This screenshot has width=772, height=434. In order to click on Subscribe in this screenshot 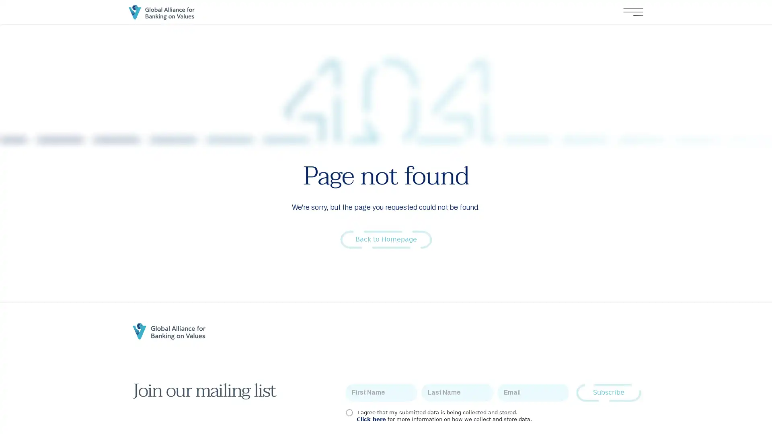, I will do `click(608, 392)`.